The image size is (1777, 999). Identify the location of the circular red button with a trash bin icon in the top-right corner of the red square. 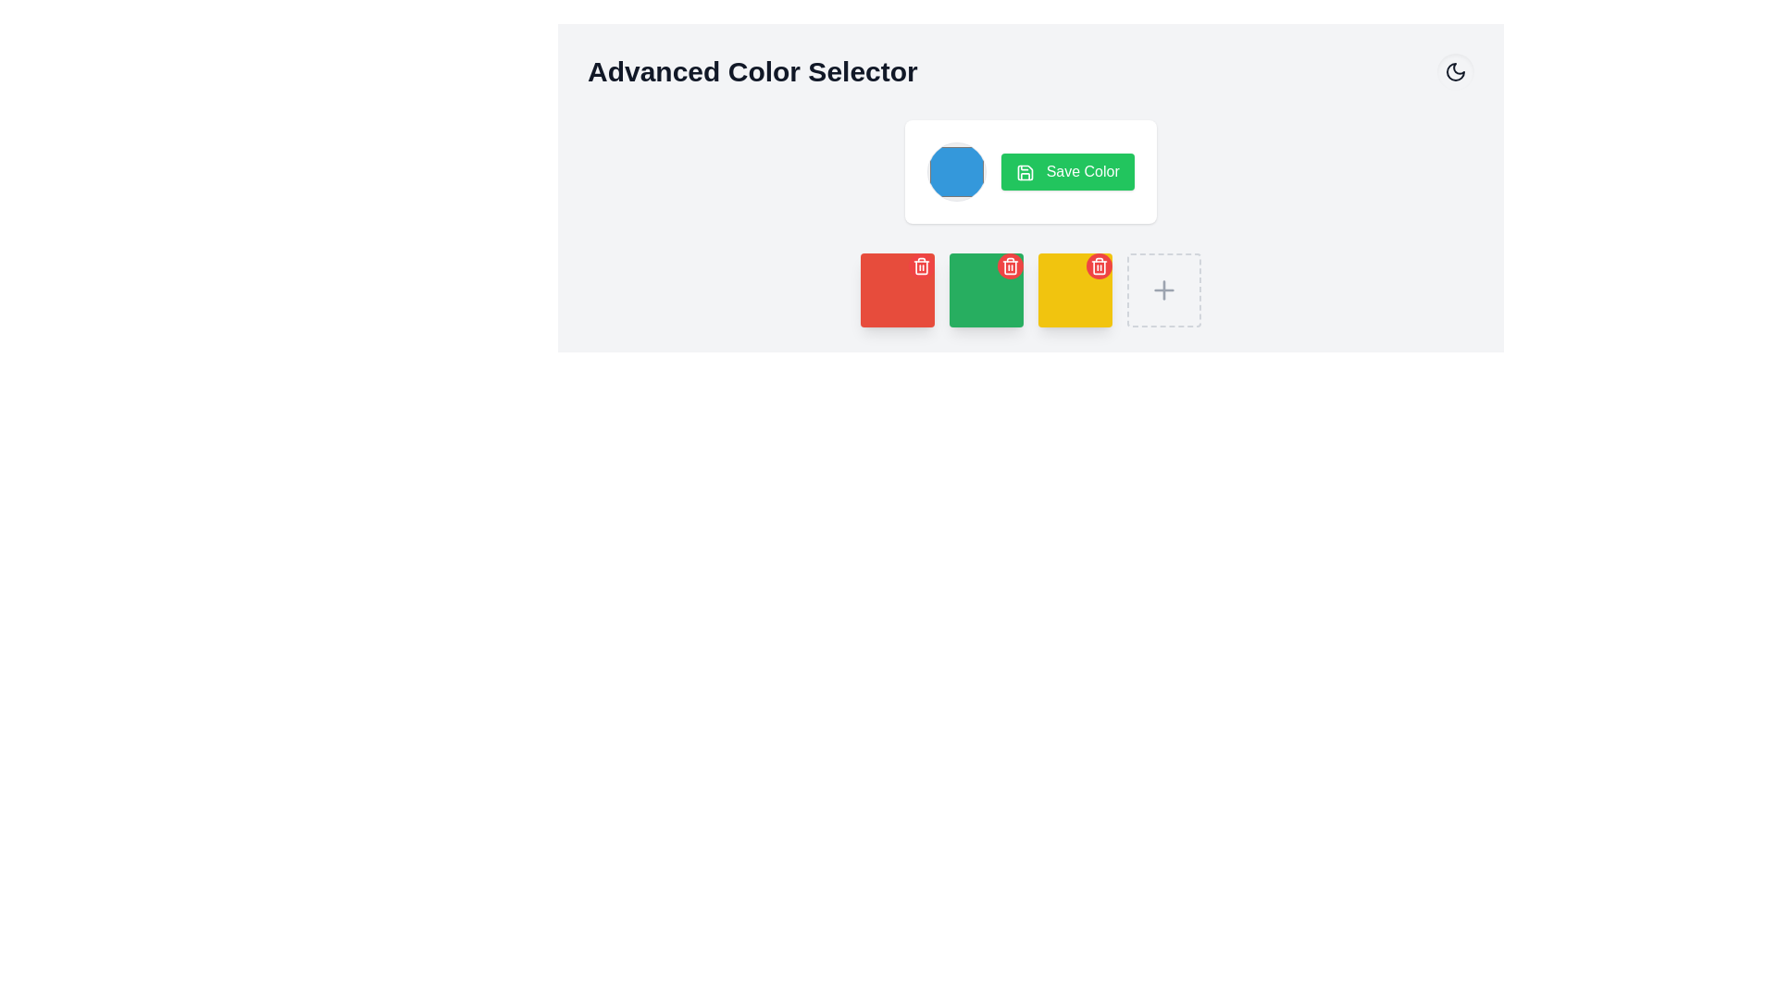
(922, 266).